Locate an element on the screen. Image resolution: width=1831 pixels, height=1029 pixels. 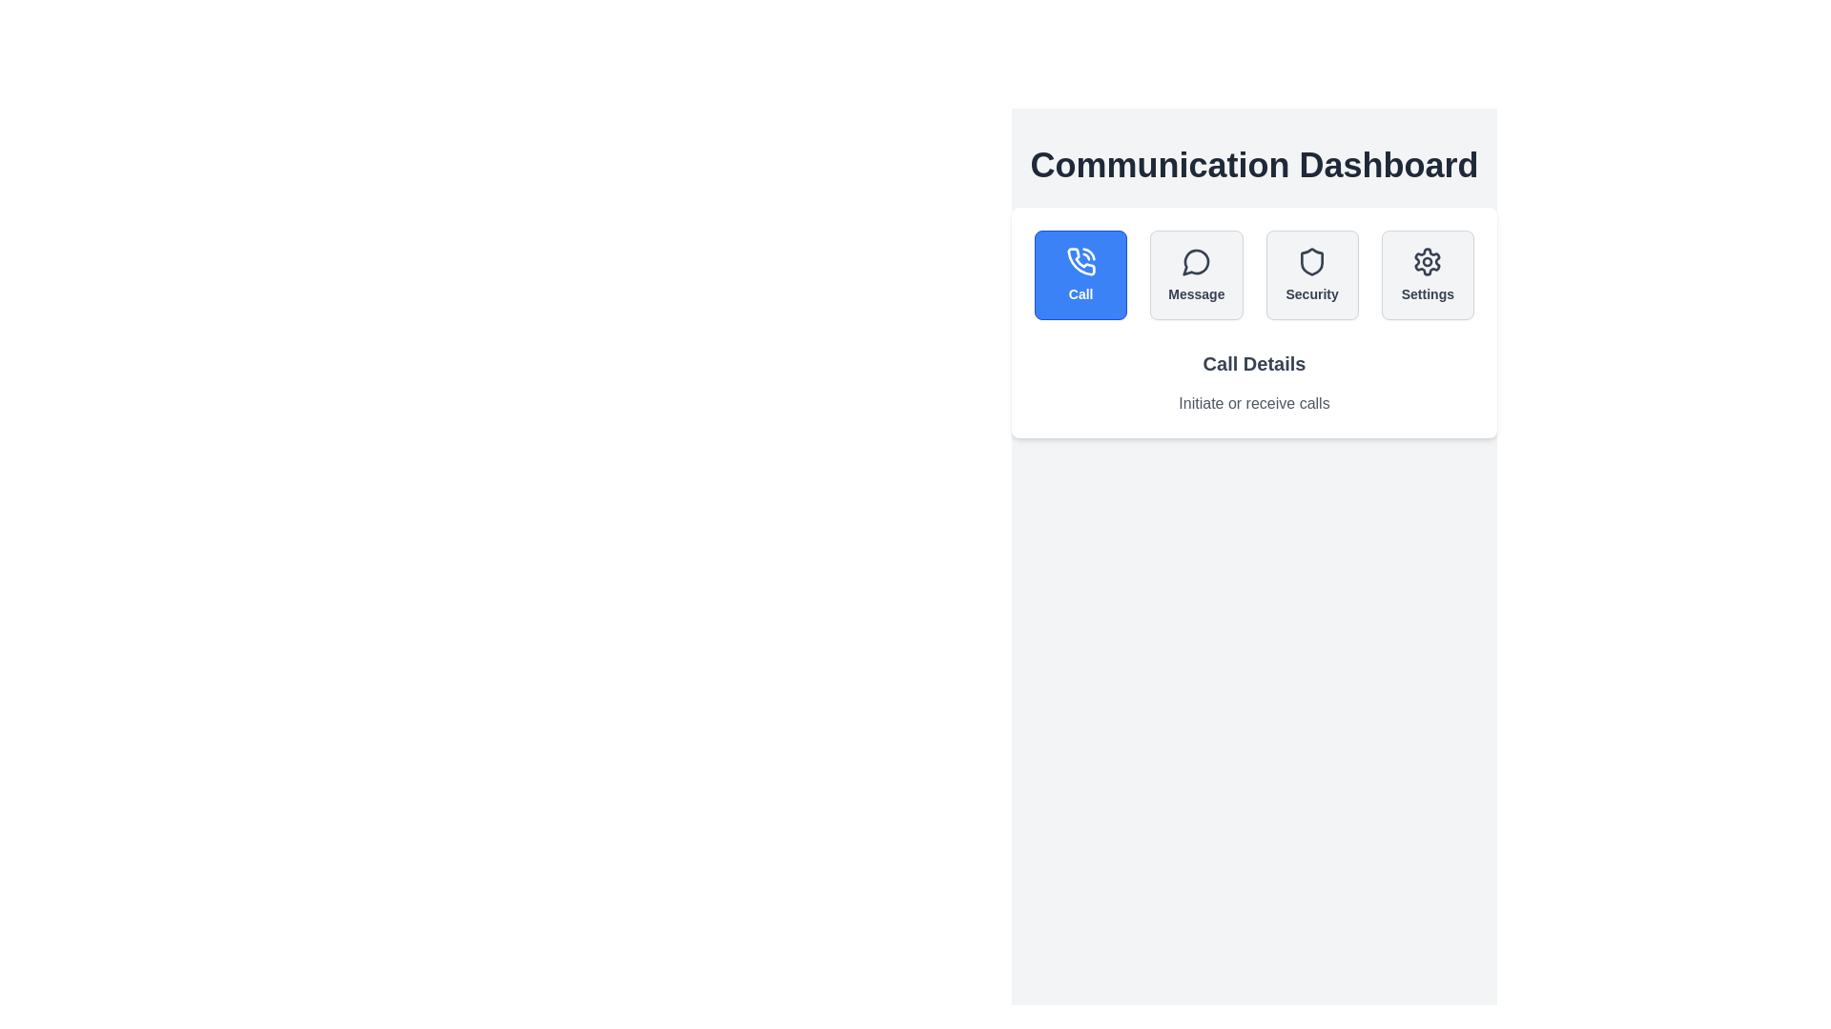
the clickable security-related card, which is the third card in a grid layout is located at coordinates (1311, 275).